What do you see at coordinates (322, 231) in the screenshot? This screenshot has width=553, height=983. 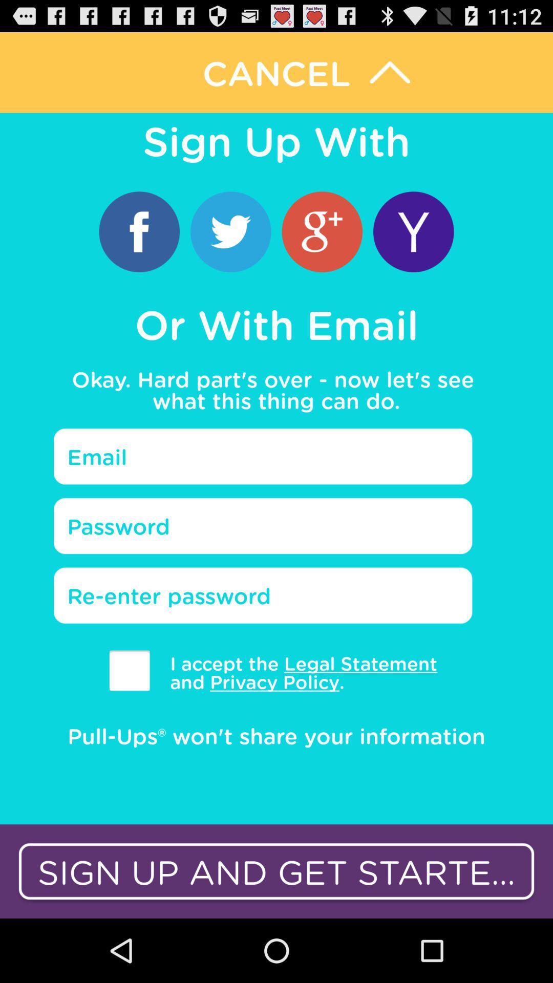 I see `the icon beside y` at bounding box center [322, 231].